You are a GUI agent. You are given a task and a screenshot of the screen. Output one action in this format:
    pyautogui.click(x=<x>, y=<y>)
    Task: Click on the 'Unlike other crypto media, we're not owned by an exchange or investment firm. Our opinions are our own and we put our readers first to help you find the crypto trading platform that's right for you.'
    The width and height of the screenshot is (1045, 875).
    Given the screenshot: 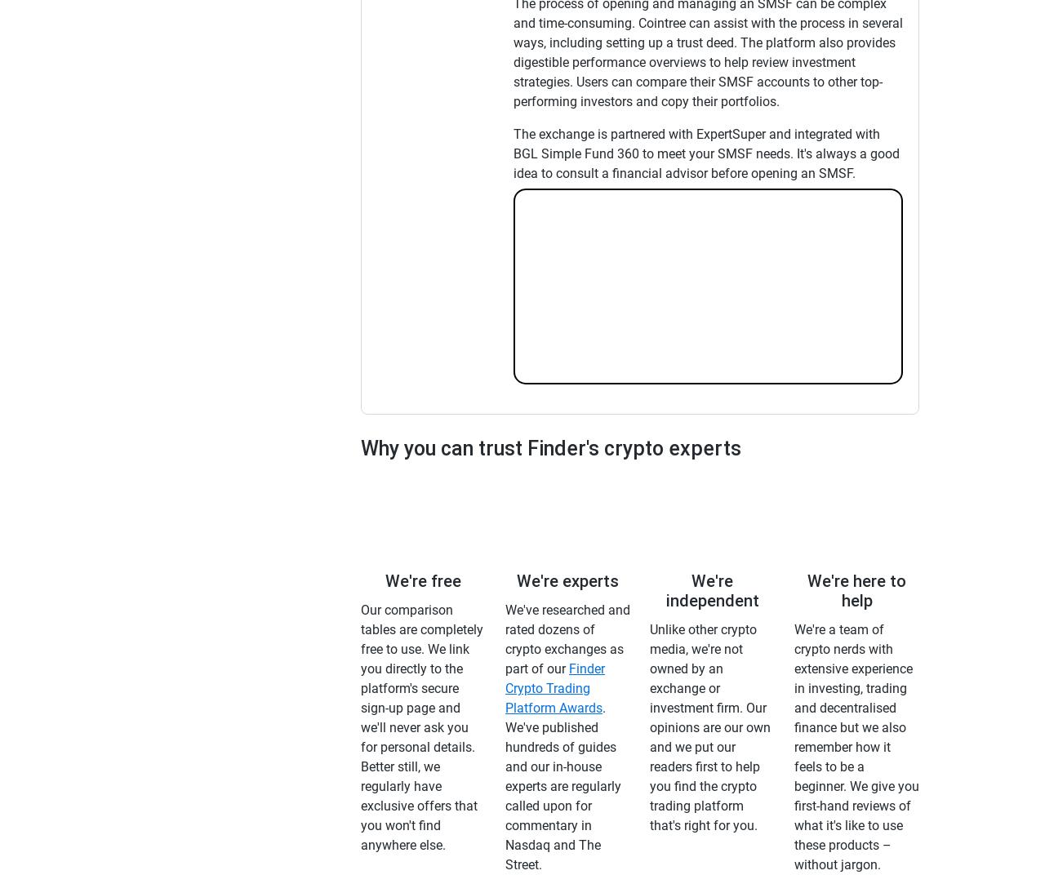 What is the action you would take?
    pyautogui.click(x=710, y=727)
    